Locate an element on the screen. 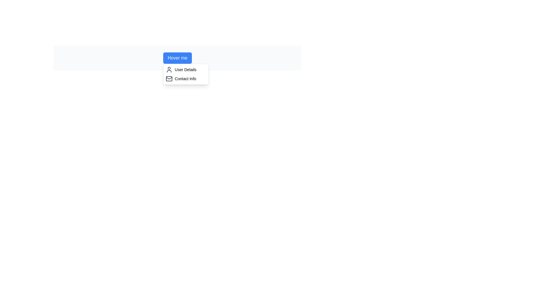 The height and width of the screenshot is (306, 545). the 'User Details' menu item is located at coordinates (186, 69).